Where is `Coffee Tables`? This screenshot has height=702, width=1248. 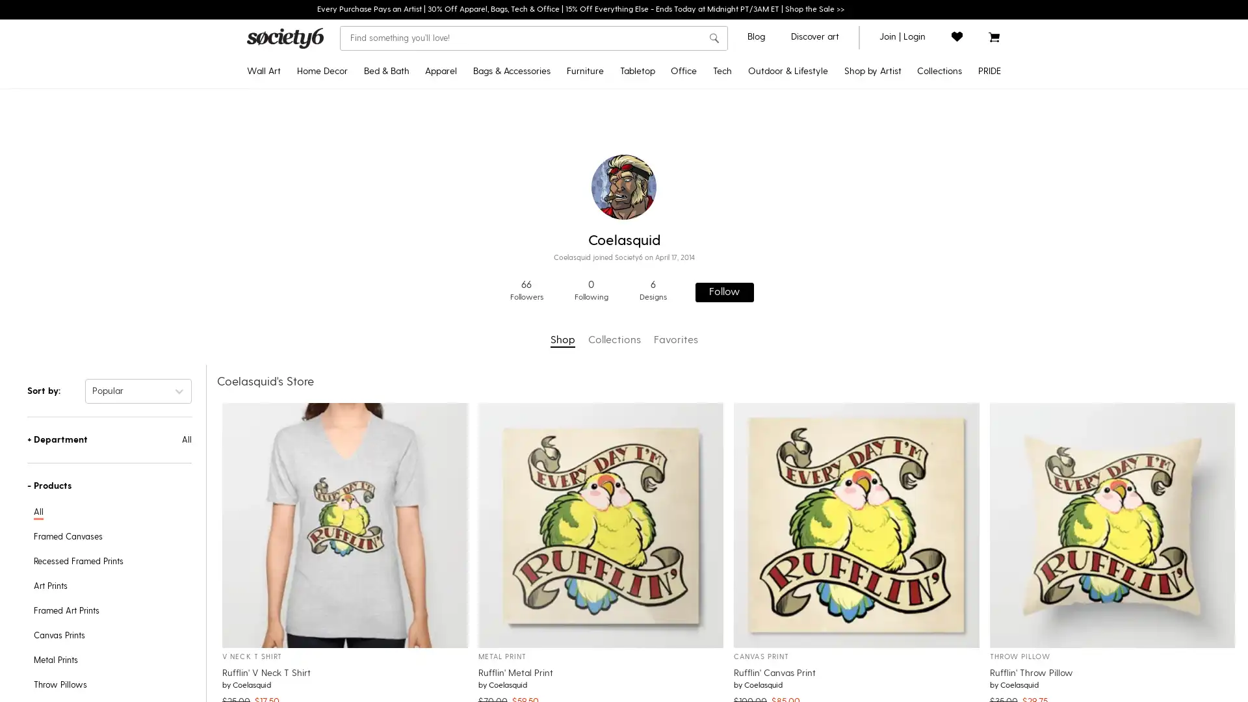
Coffee Tables is located at coordinates (607, 208).